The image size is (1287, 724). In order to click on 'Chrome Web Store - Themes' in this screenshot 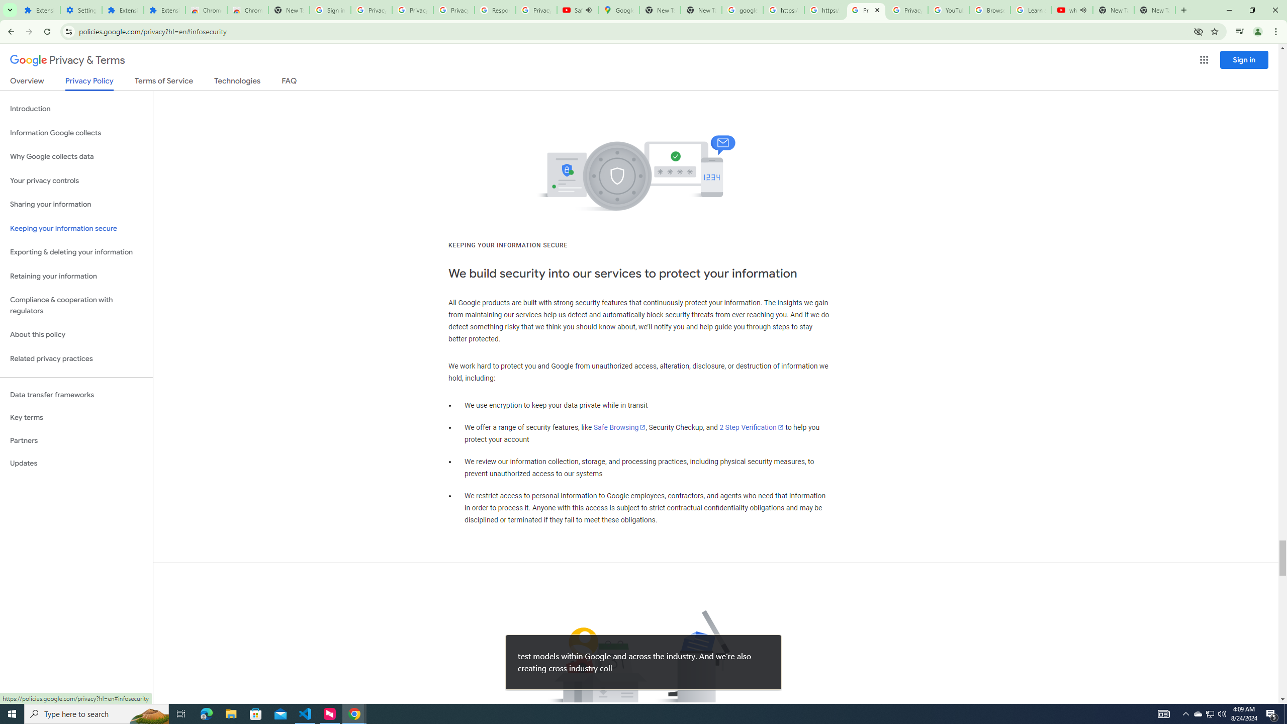, I will do `click(247, 10)`.